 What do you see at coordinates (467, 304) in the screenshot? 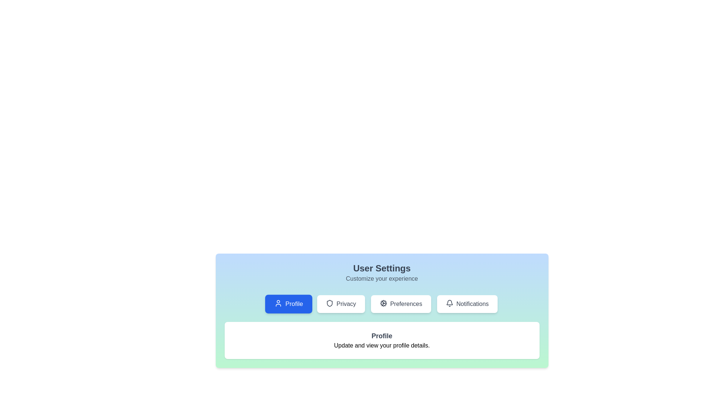
I see `the Notifications tab to view its content` at bounding box center [467, 304].